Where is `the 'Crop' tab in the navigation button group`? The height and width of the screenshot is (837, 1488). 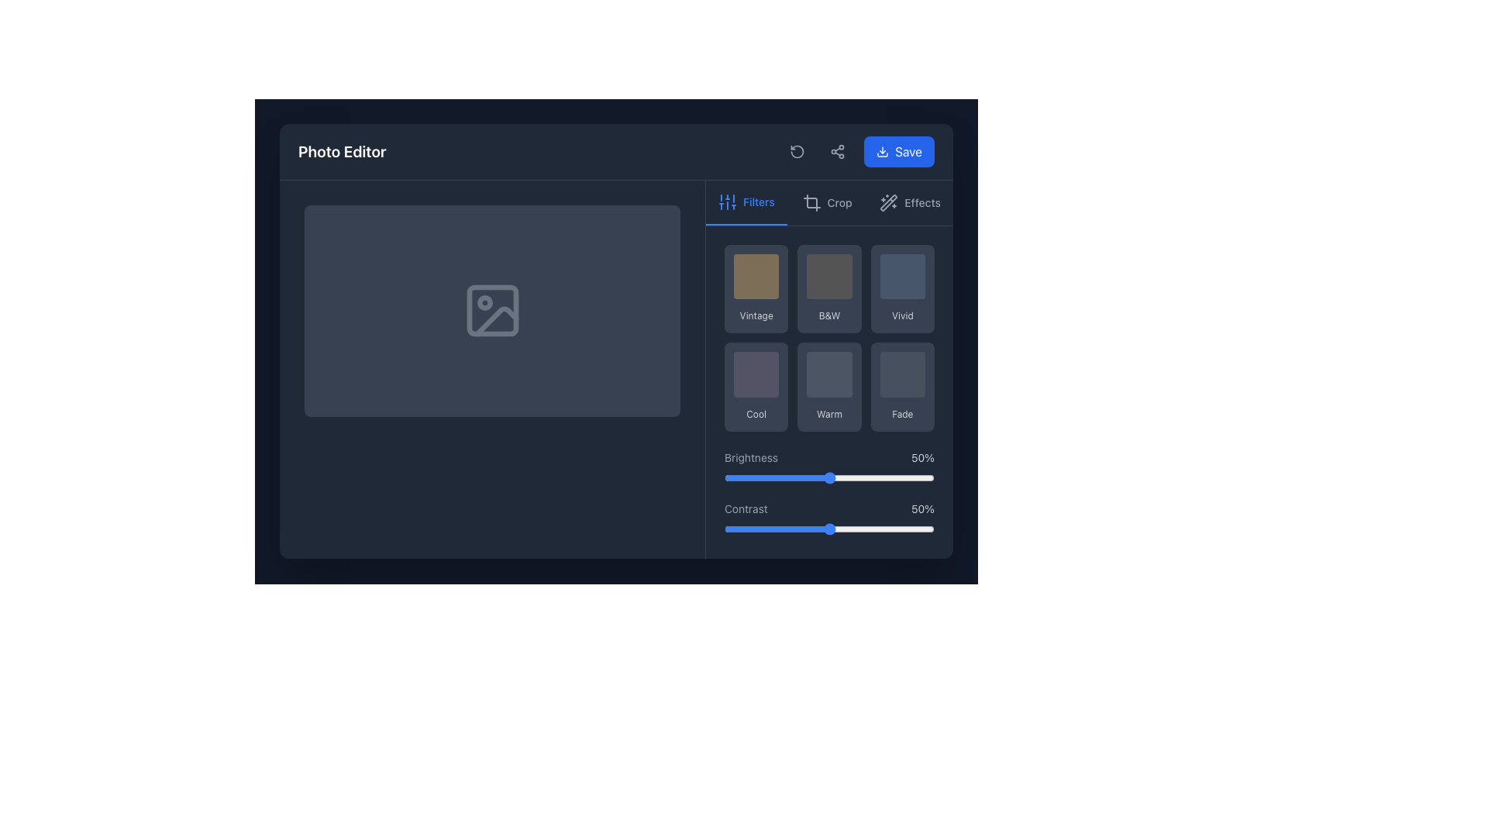
the 'Crop' tab in the navigation button group is located at coordinates (828, 202).